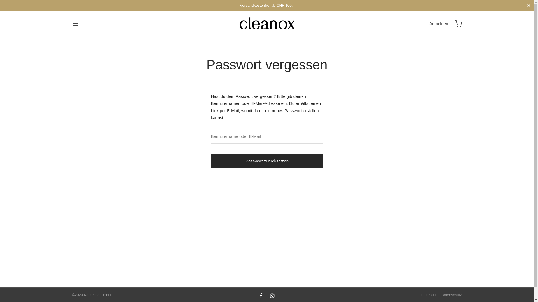  I want to click on 'Datenschutz', so click(451, 294).